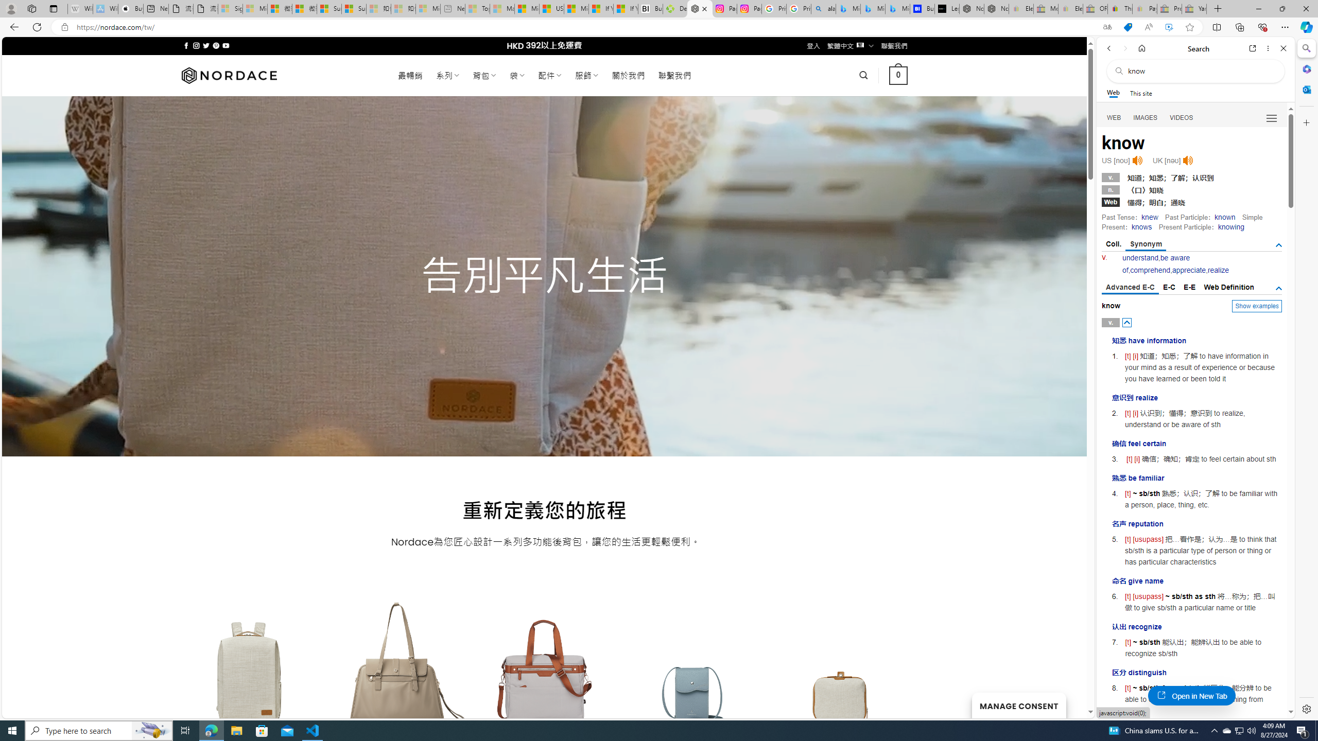 This screenshot has width=1318, height=741. What do you see at coordinates (226, 45) in the screenshot?
I see `'Follow on YouTube'` at bounding box center [226, 45].